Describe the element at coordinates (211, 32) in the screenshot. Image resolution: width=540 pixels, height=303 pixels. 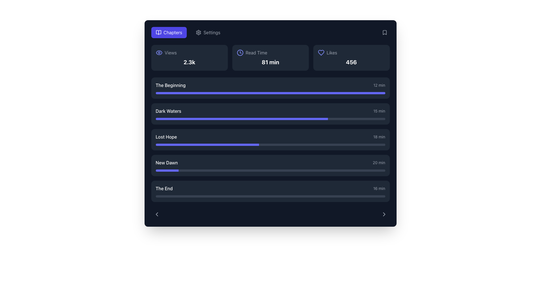
I see `the Text label indicating settings in the top navigation bar for keyboard navigation` at that location.